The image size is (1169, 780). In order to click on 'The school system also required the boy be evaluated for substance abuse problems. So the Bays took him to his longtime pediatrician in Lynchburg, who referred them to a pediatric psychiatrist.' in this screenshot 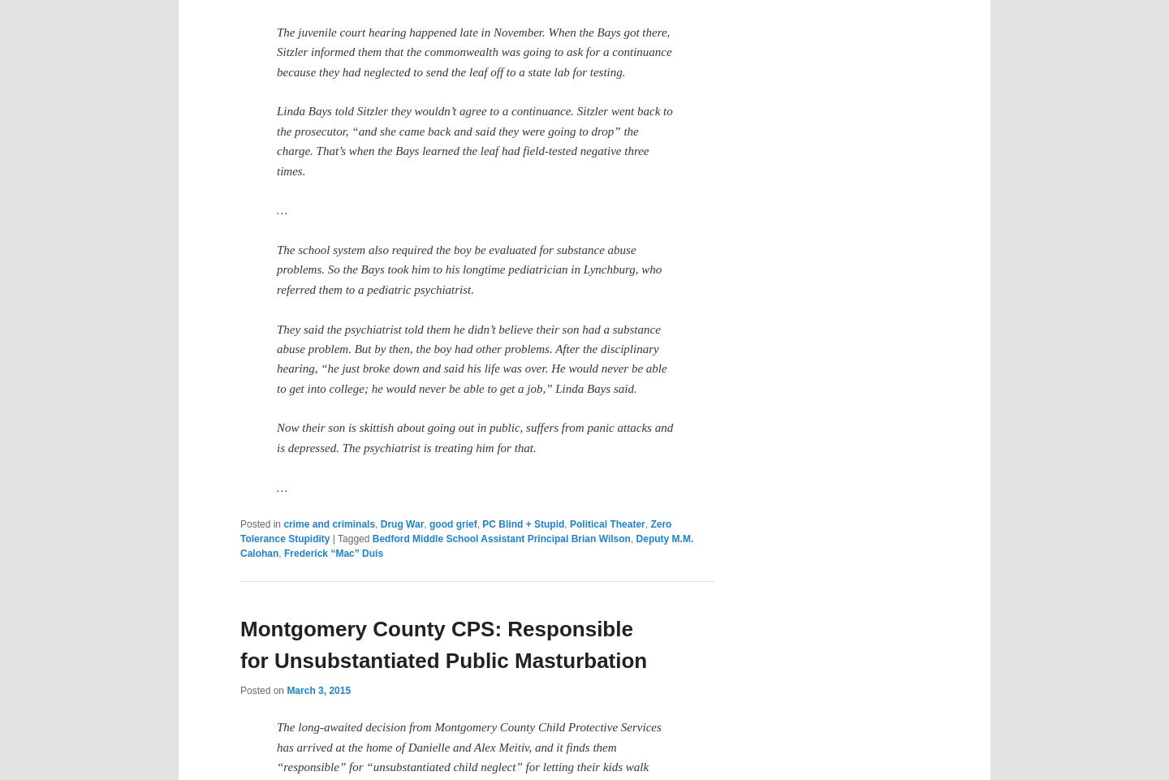, I will do `click(469, 269)`.